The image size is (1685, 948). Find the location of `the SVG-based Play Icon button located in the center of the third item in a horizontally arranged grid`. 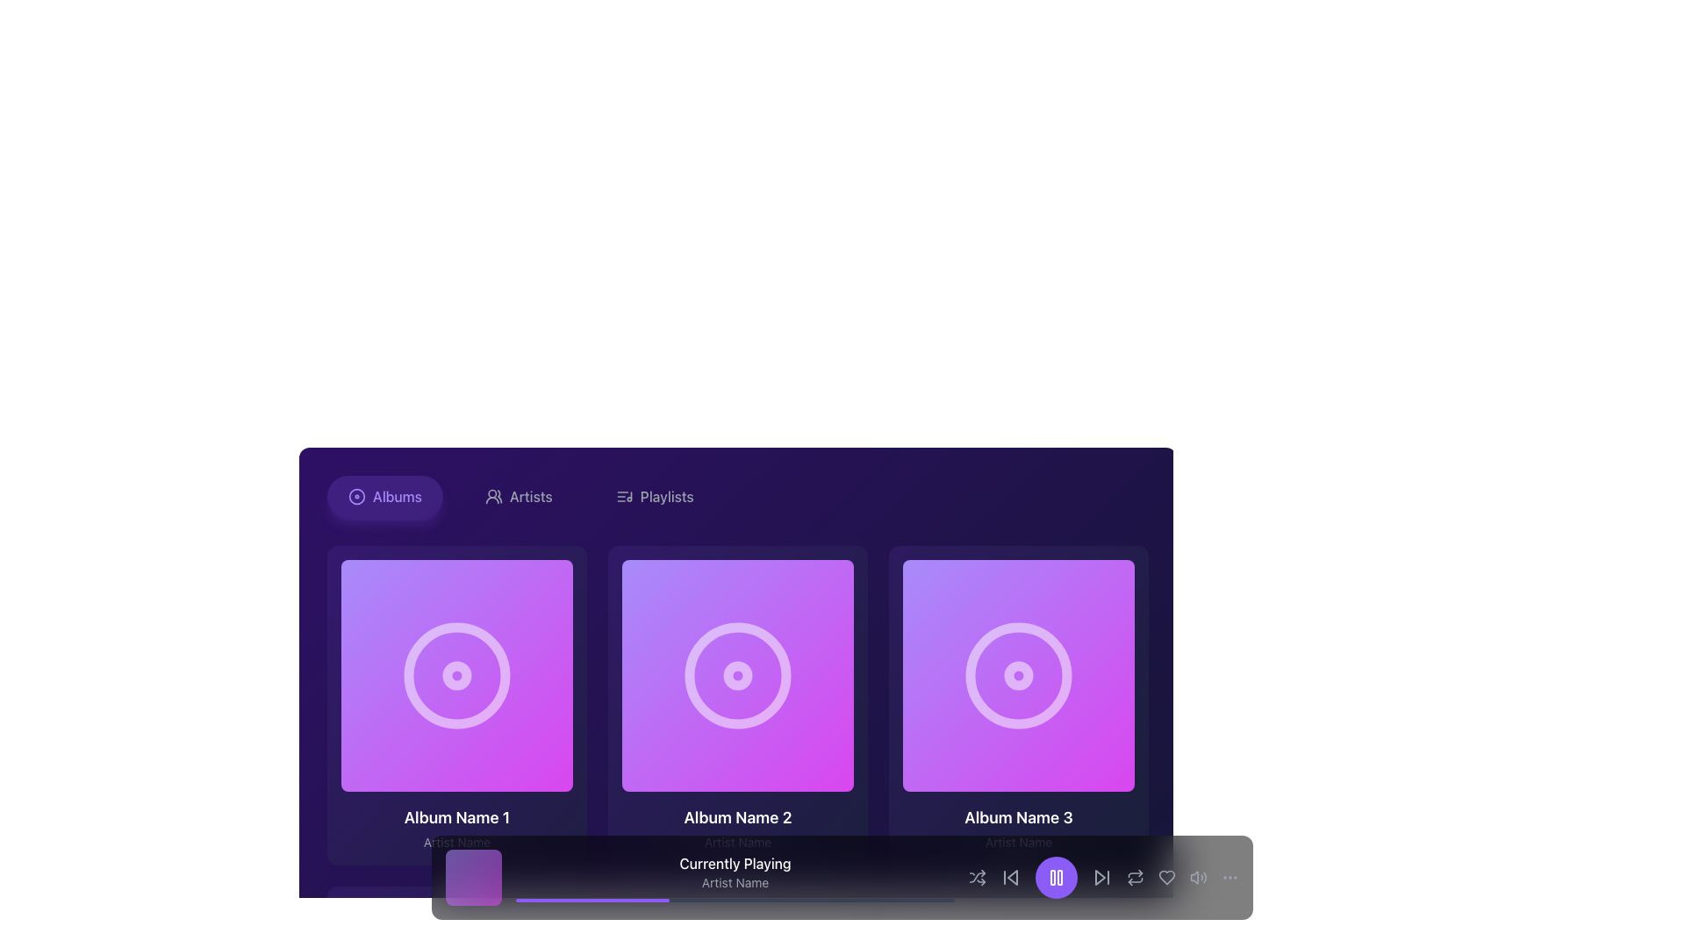

the SVG-based Play Icon button located in the center of the third item in a horizontally arranged grid is located at coordinates (1020, 675).